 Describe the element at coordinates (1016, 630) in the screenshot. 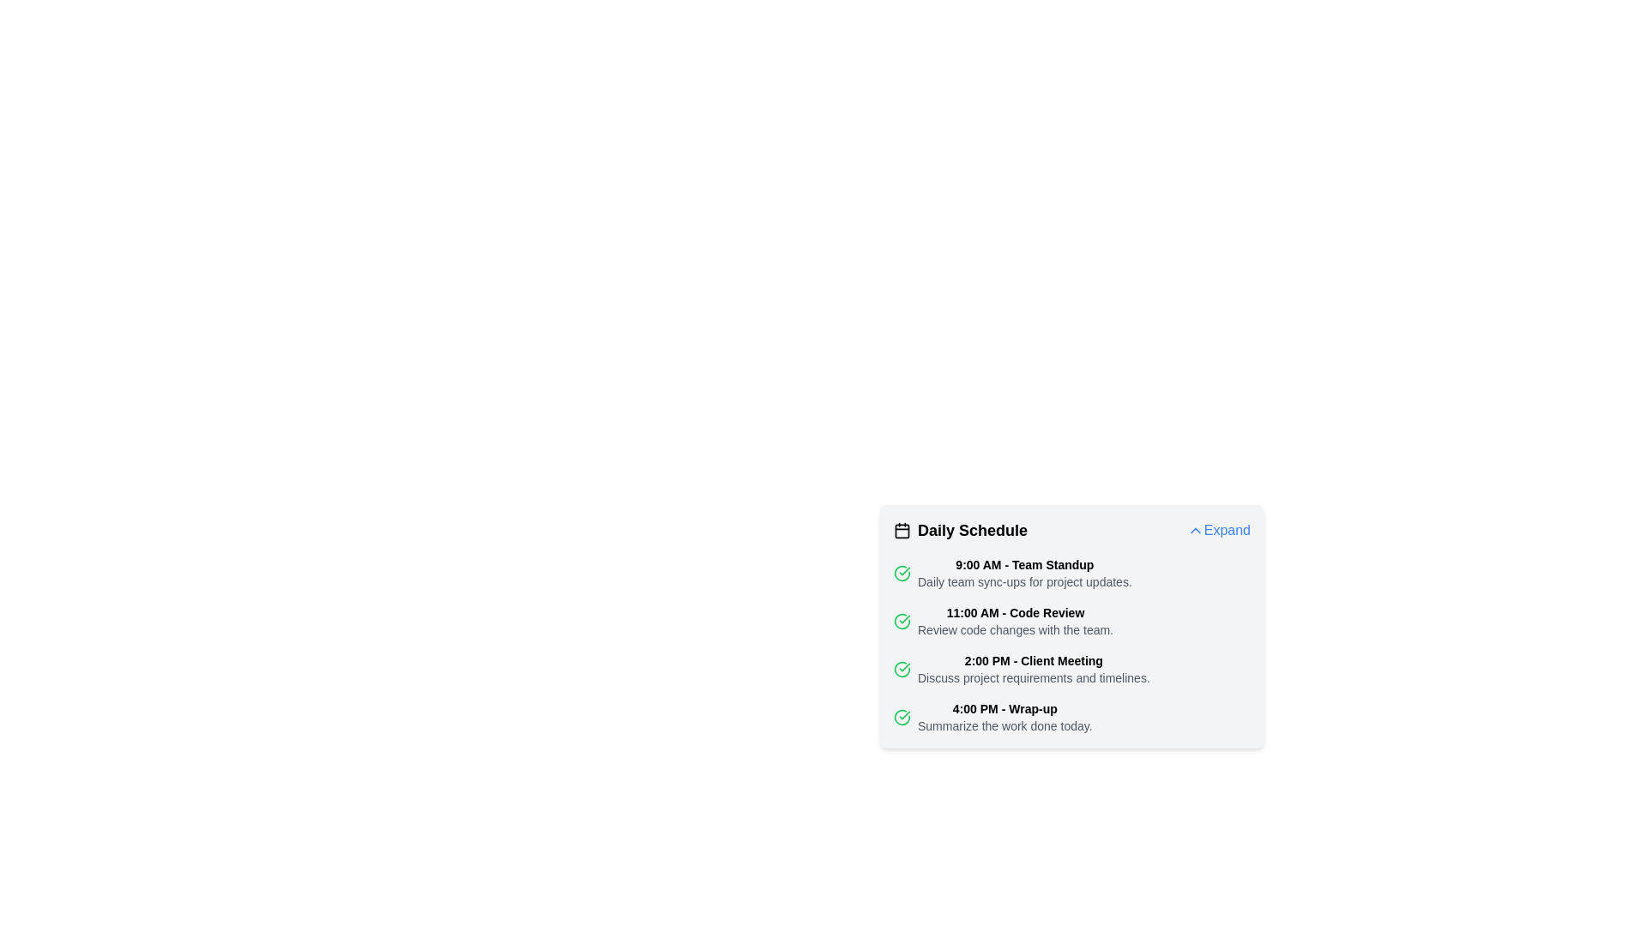

I see `the text element reading 'Review code changes with the team.' located directly underneath the header '11:00 AM - Code Review' within the schedule card layout` at that location.